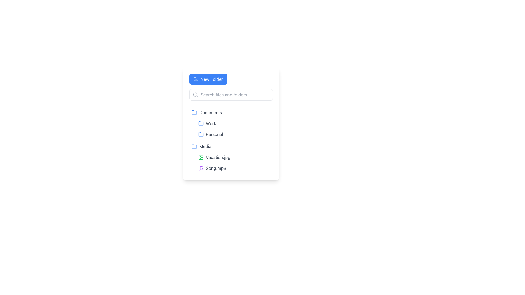 Image resolution: width=525 pixels, height=295 pixels. What do you see at coordinates (234, 157) in the screenshot?
I see `on the list item representing the media file 'Vacation.jpg' located in the 'Media' group, positioned directly beneath 'Documents'` at bounding box center [234, 157].